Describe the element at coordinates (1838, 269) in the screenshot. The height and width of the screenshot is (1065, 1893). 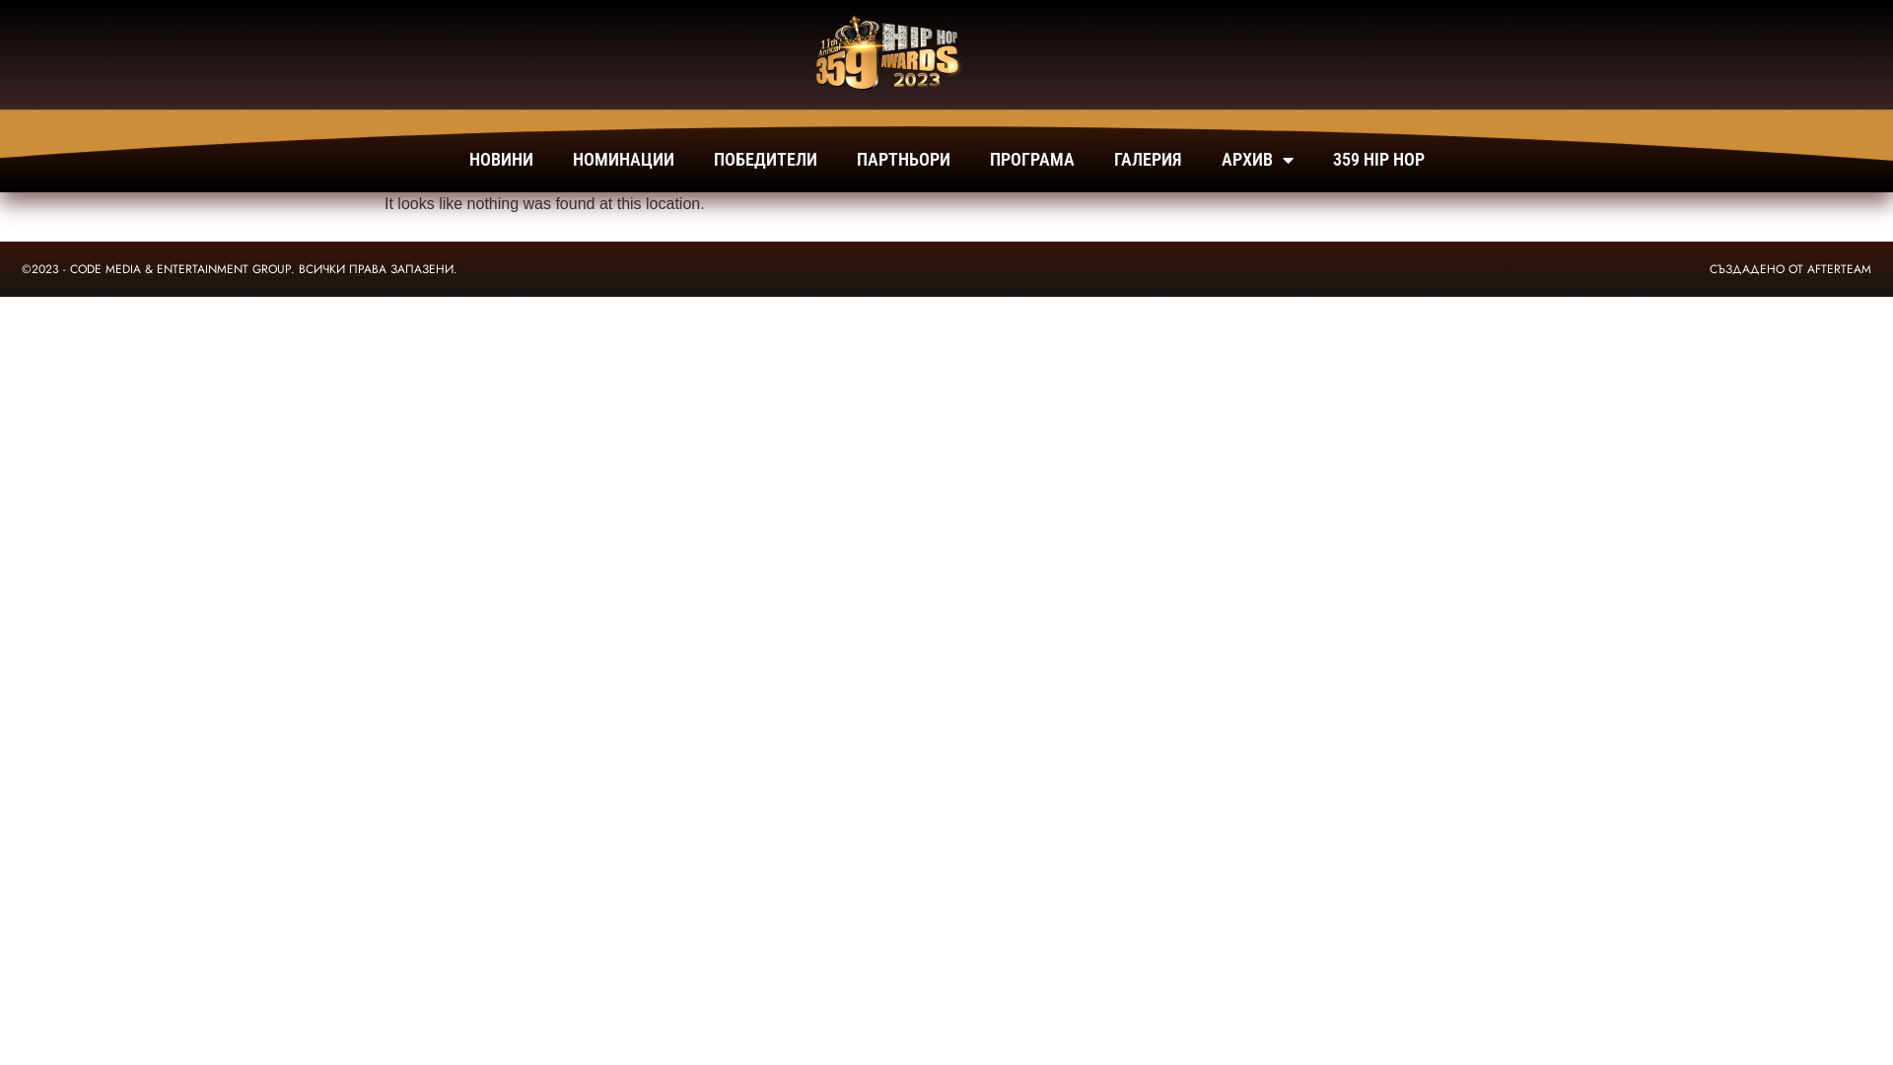
I see `'AFTERTEAM'` at that location.